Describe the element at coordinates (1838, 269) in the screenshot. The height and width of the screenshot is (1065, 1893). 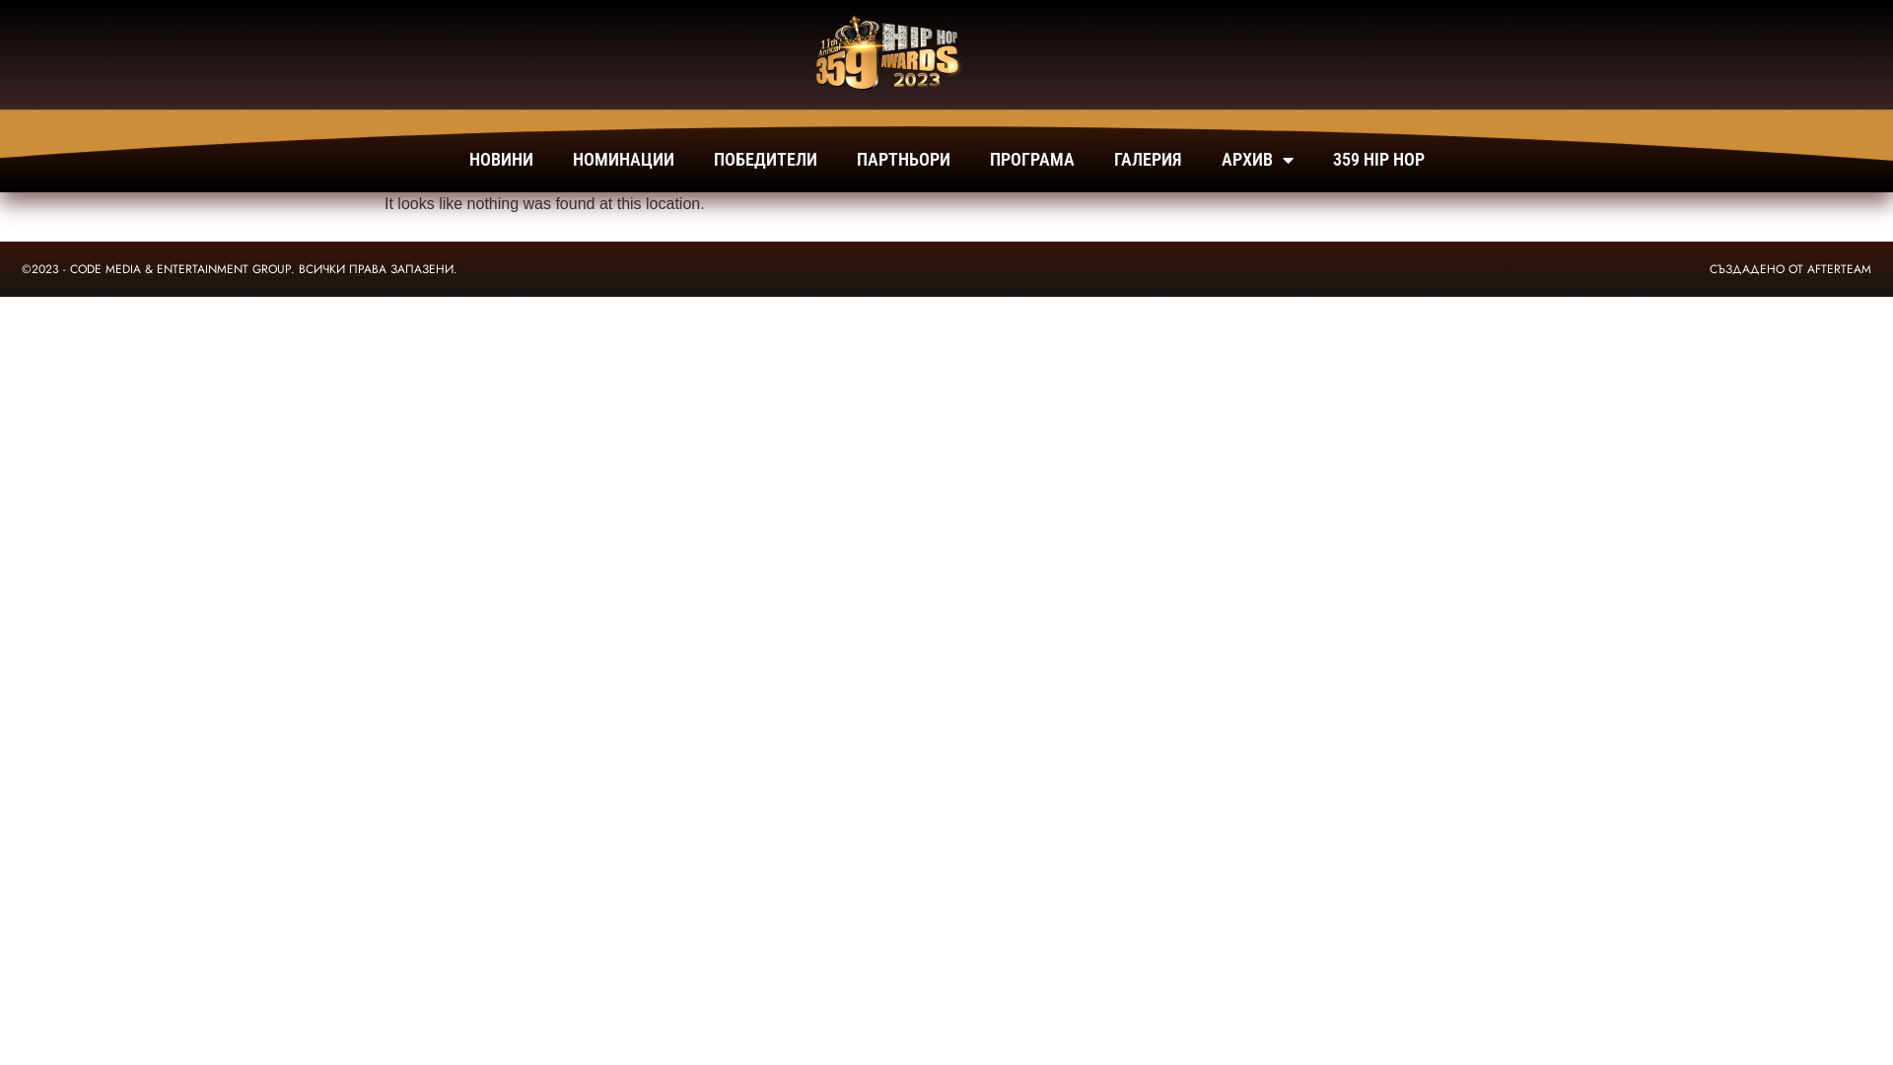
I see `'AFTERTEAM'` at that location.